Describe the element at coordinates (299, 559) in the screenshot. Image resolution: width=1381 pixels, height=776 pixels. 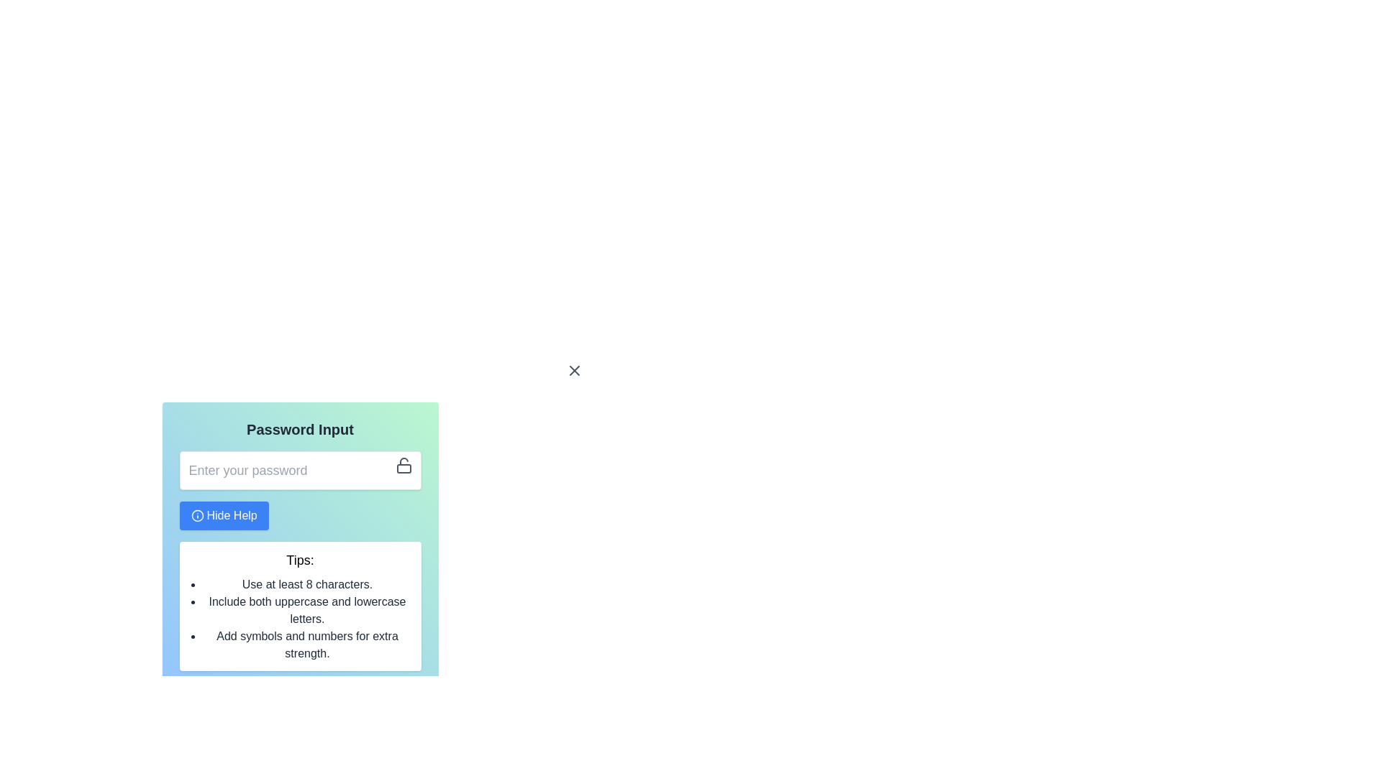
I see `the 'Tips:' label, which displays password creation advice and is styled in bold with a larger font size, located beneath the 'Hide Help' button` at that location.